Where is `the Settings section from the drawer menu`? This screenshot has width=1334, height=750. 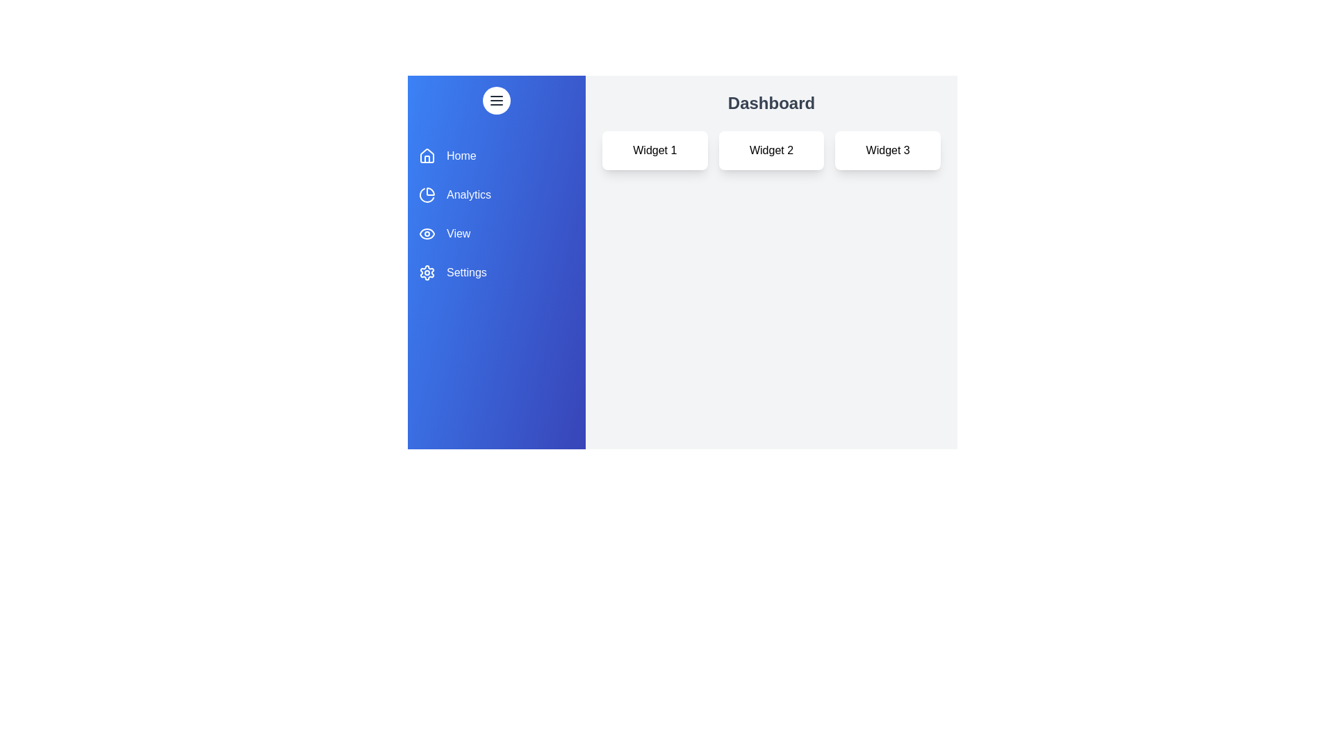
the Settings section from the drawer menu is located at coordinates (497, 273).